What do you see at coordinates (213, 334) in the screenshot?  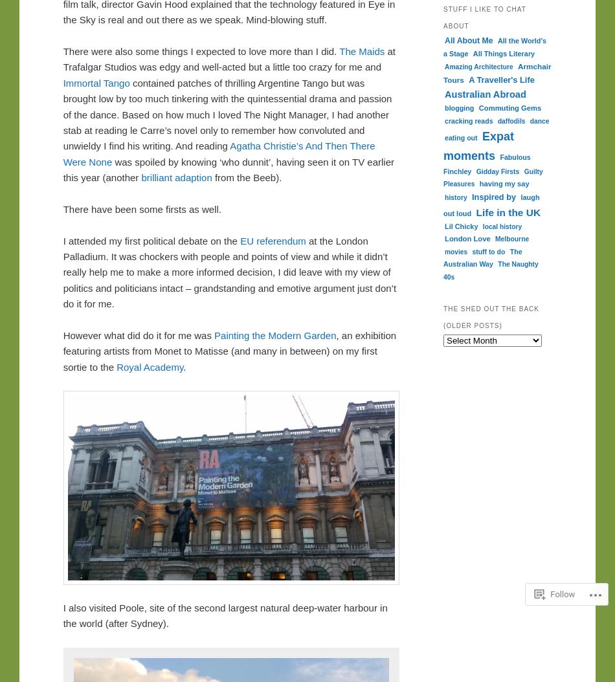 I see `'Painting the Modern Garden'` at bounding box center [213, 334].